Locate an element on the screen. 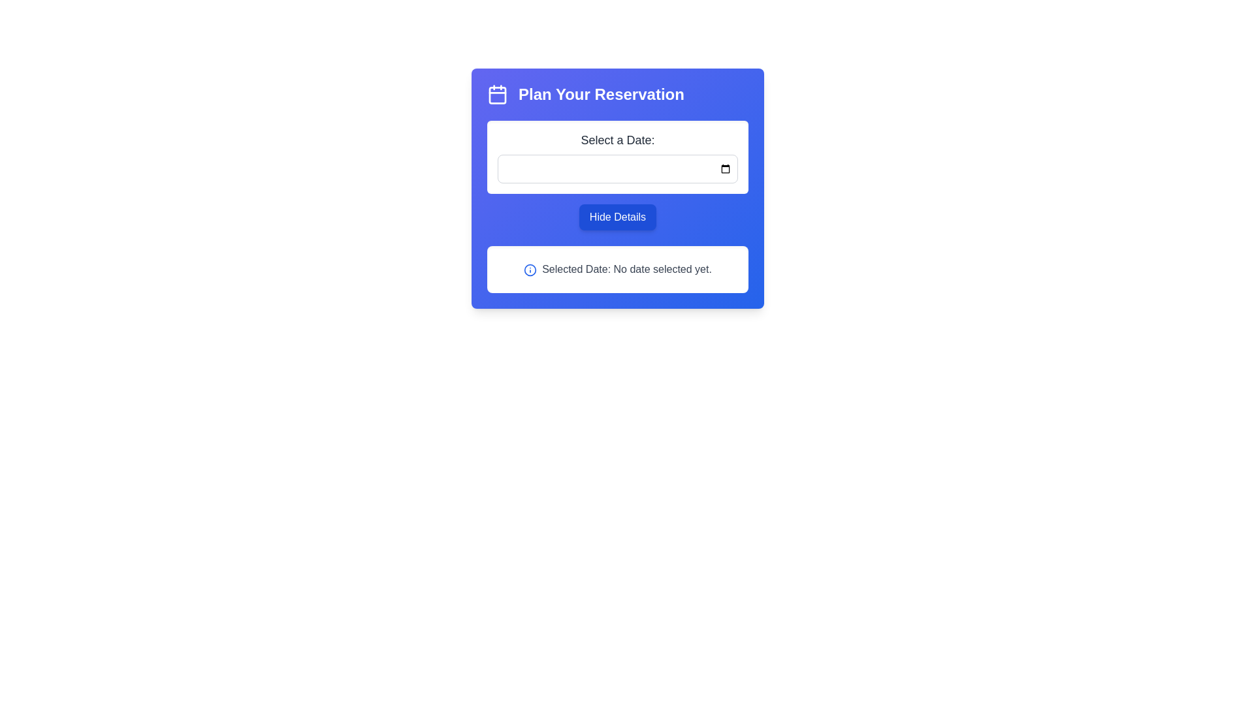 The width and height of the screenshot is (1254, 705). the central rectangular shape inside the calendar icon, which visually represents the calendar's body in the 'Plan Your Reservation' section is located at coordinates (497, 95).